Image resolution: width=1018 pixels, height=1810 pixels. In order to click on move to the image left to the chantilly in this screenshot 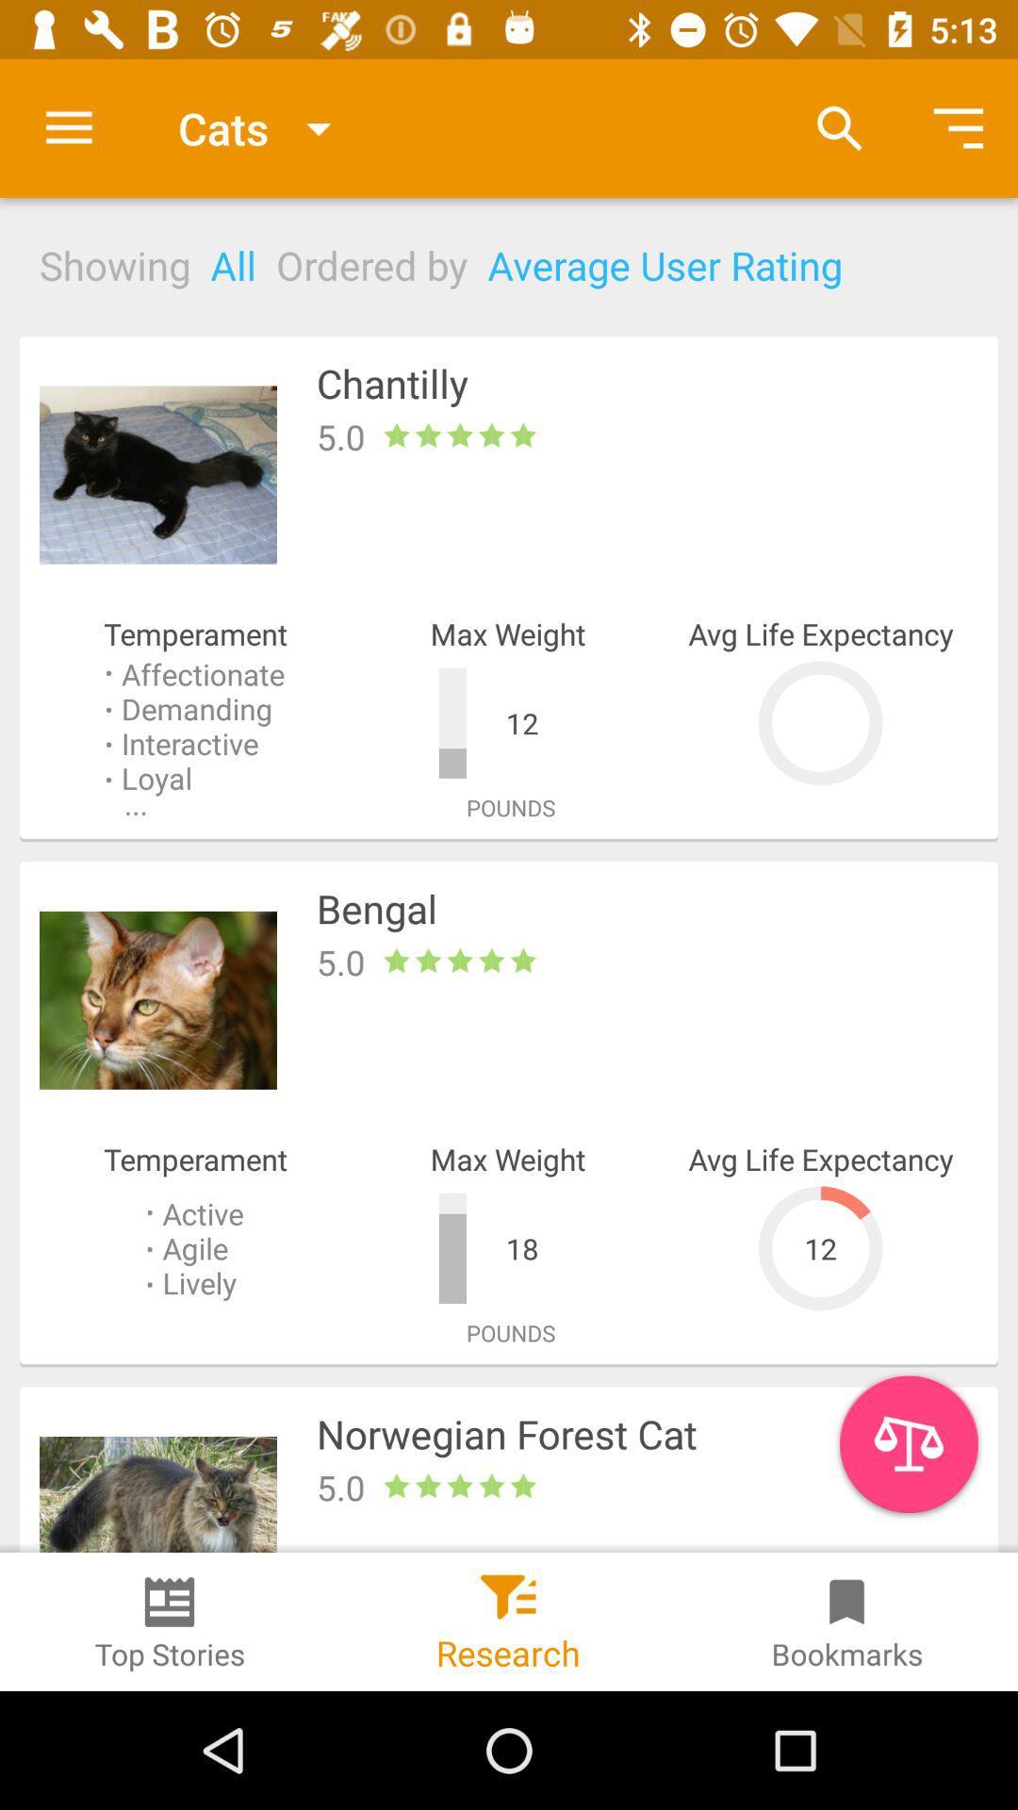, I will do `click(157, 475)`.